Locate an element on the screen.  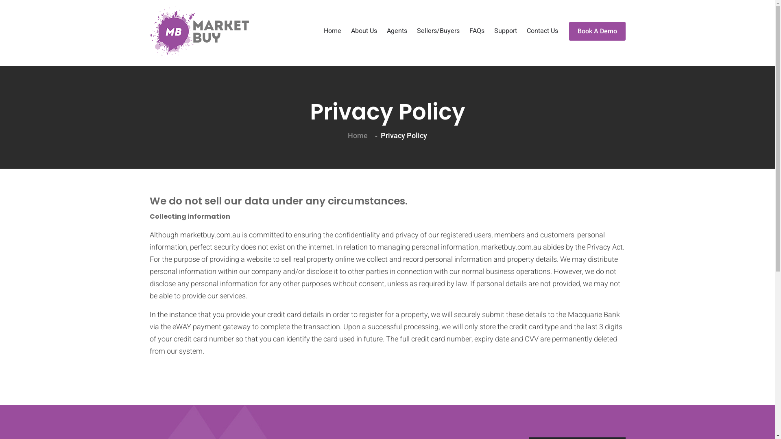
'Home' is located at coordinates (332, 31).